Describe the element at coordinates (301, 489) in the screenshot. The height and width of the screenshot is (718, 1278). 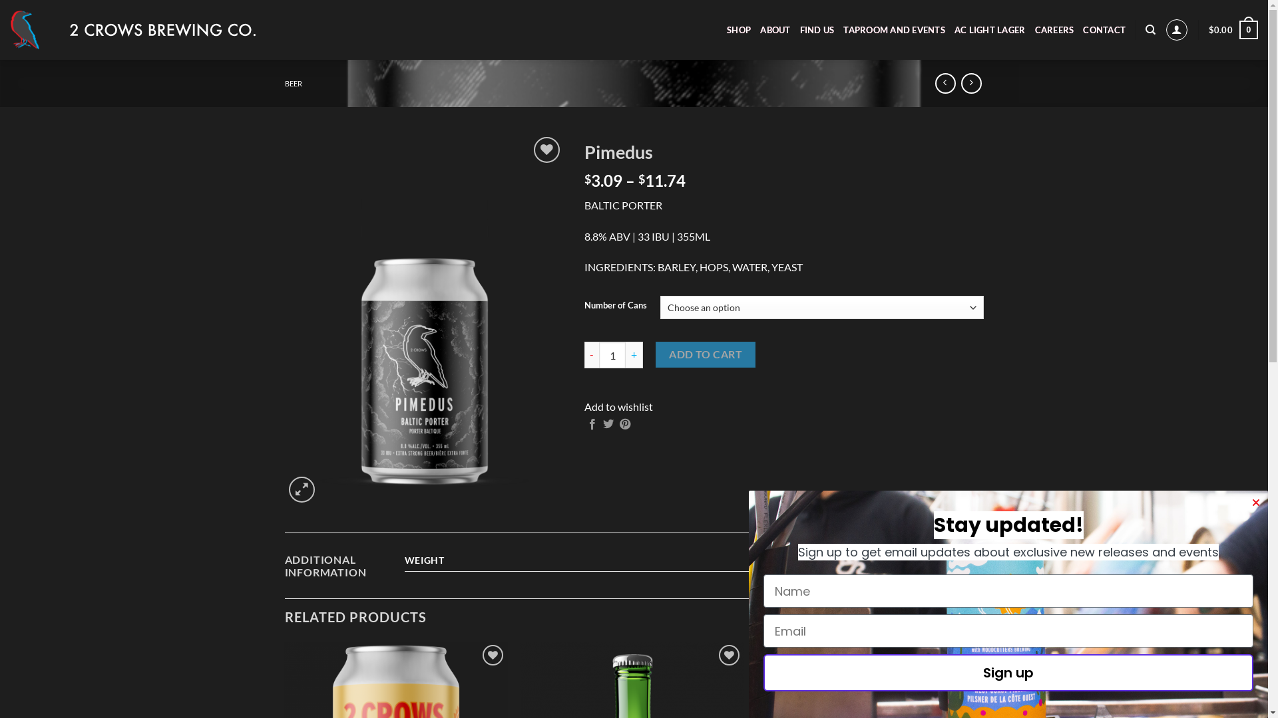
I see `'Zoom'` at that location.